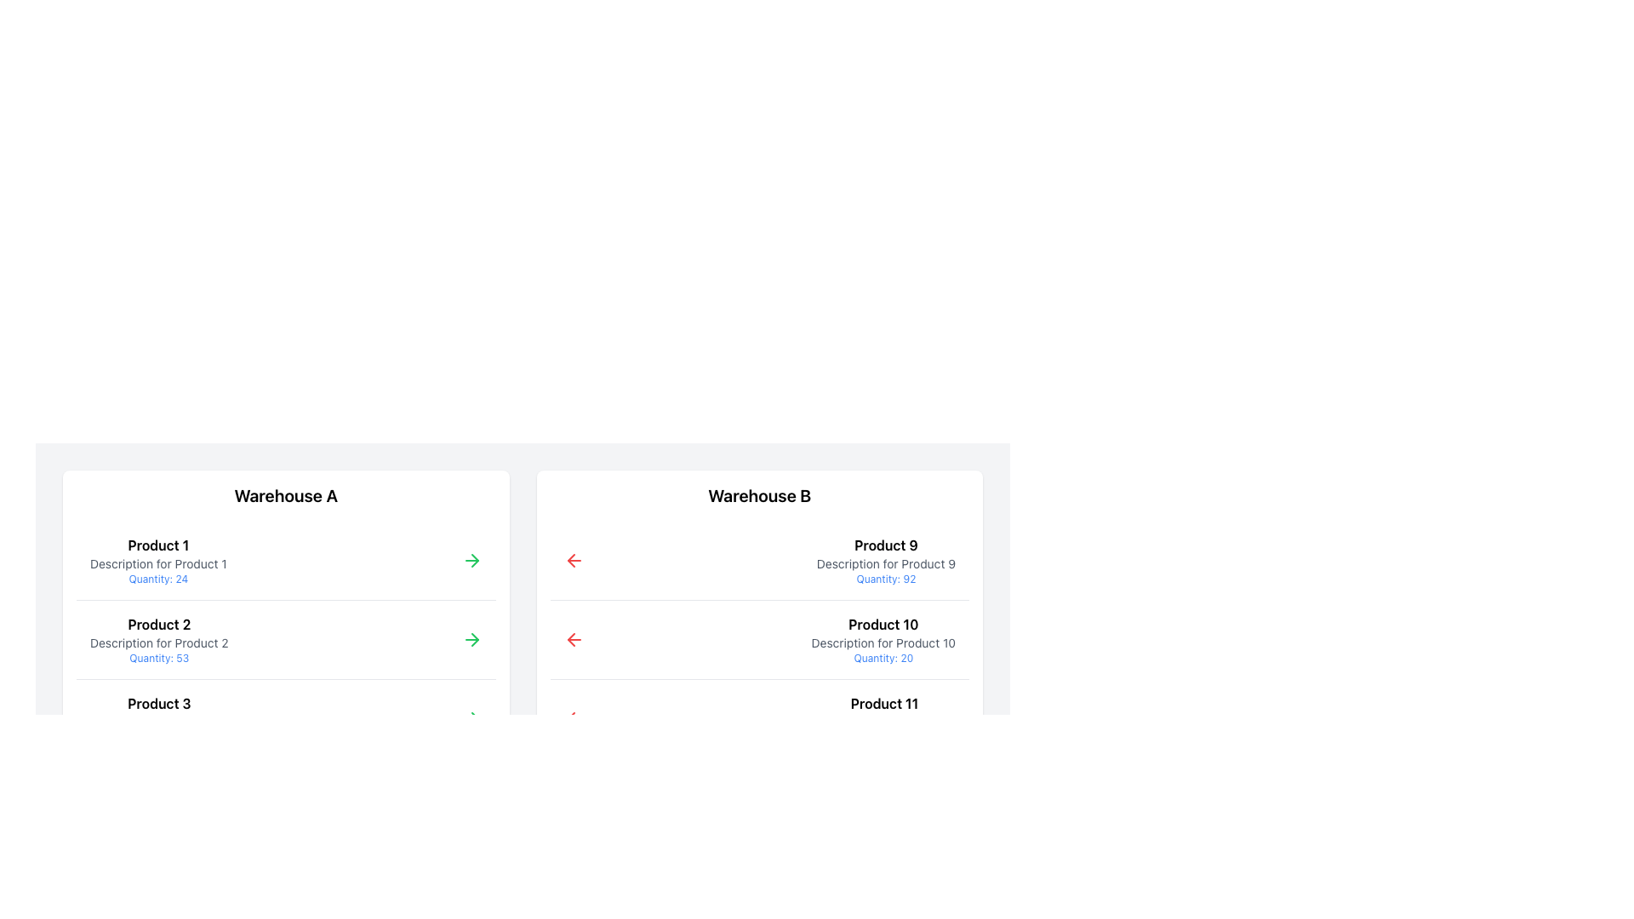 Image resolution: width=1634 pixels, height=919 pixels. I want to click on the Textual Information Block displaying 'Product 11', which includes its name, description, and quantity indicator, located in the 'Warehouse B' section, so click(884, 718).